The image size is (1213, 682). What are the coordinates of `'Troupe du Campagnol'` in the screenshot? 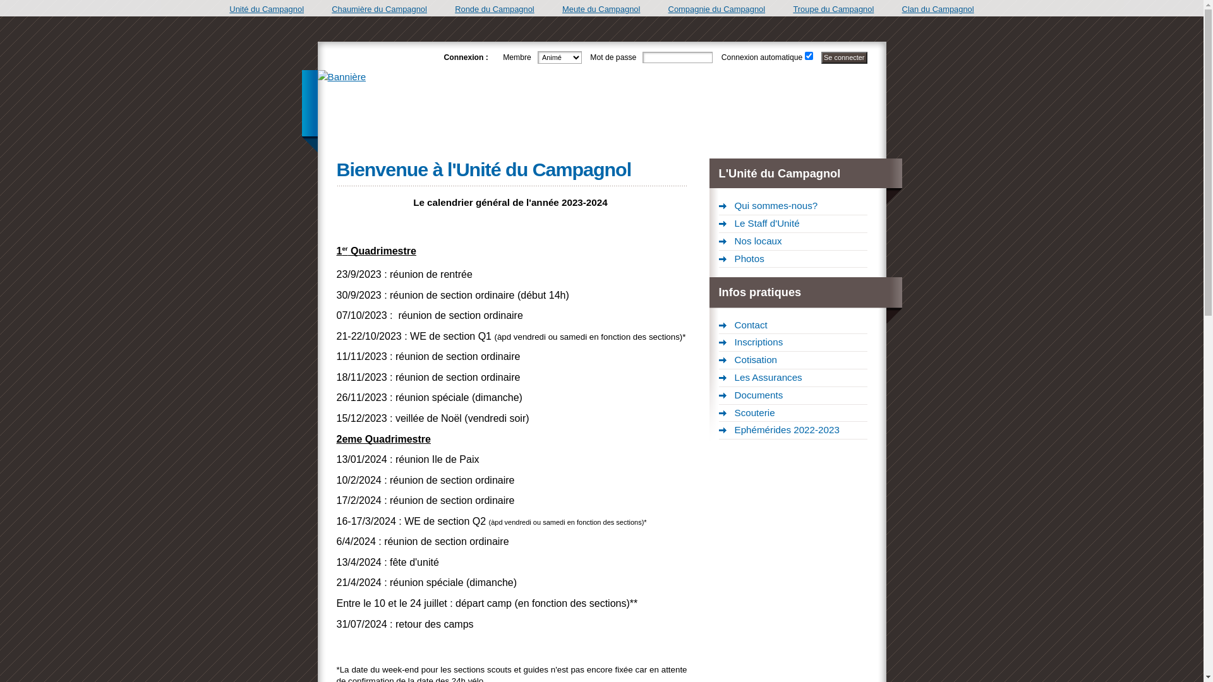 It's located at (779, 9).